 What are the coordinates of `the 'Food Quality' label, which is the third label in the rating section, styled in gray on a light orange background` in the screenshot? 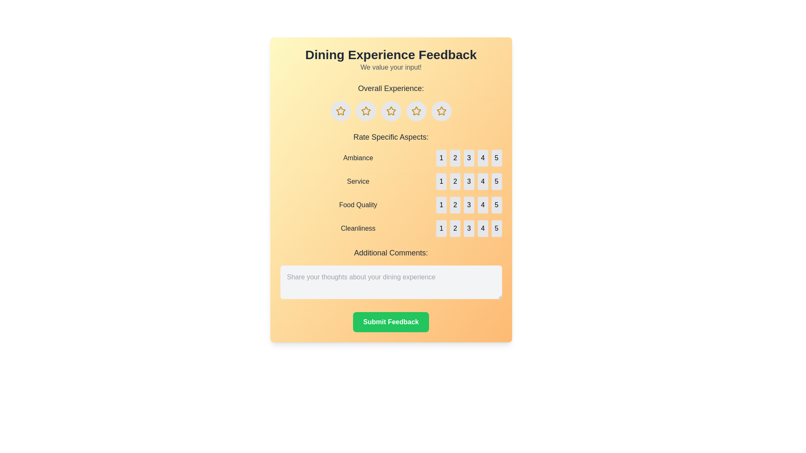 It's located at (358, 205).